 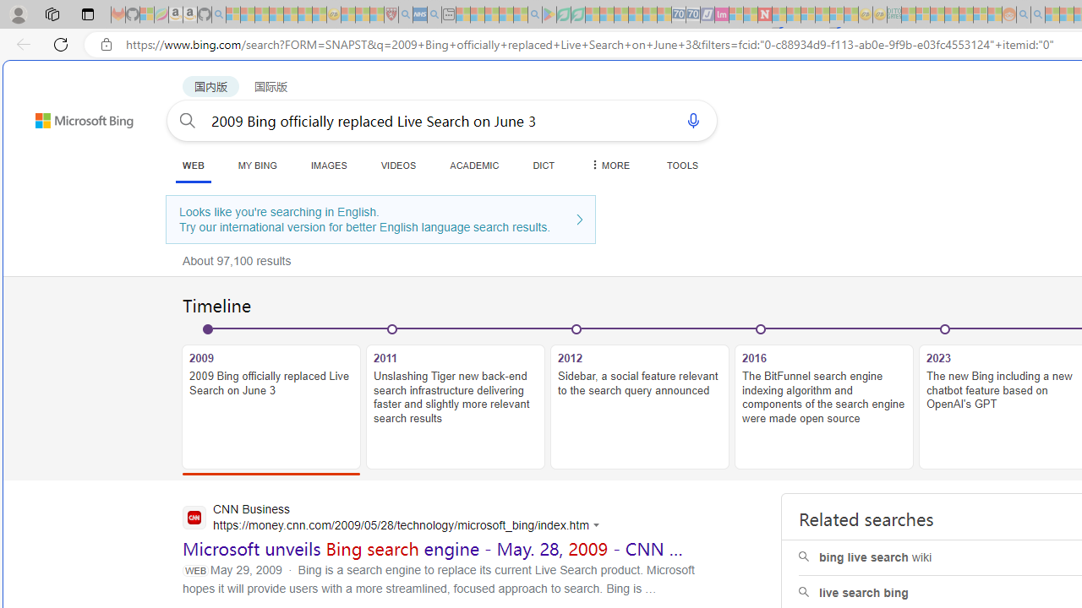 I want to click on '20092009 Bing officially replaced Live Search on June 3', so click(x=271, y=398).